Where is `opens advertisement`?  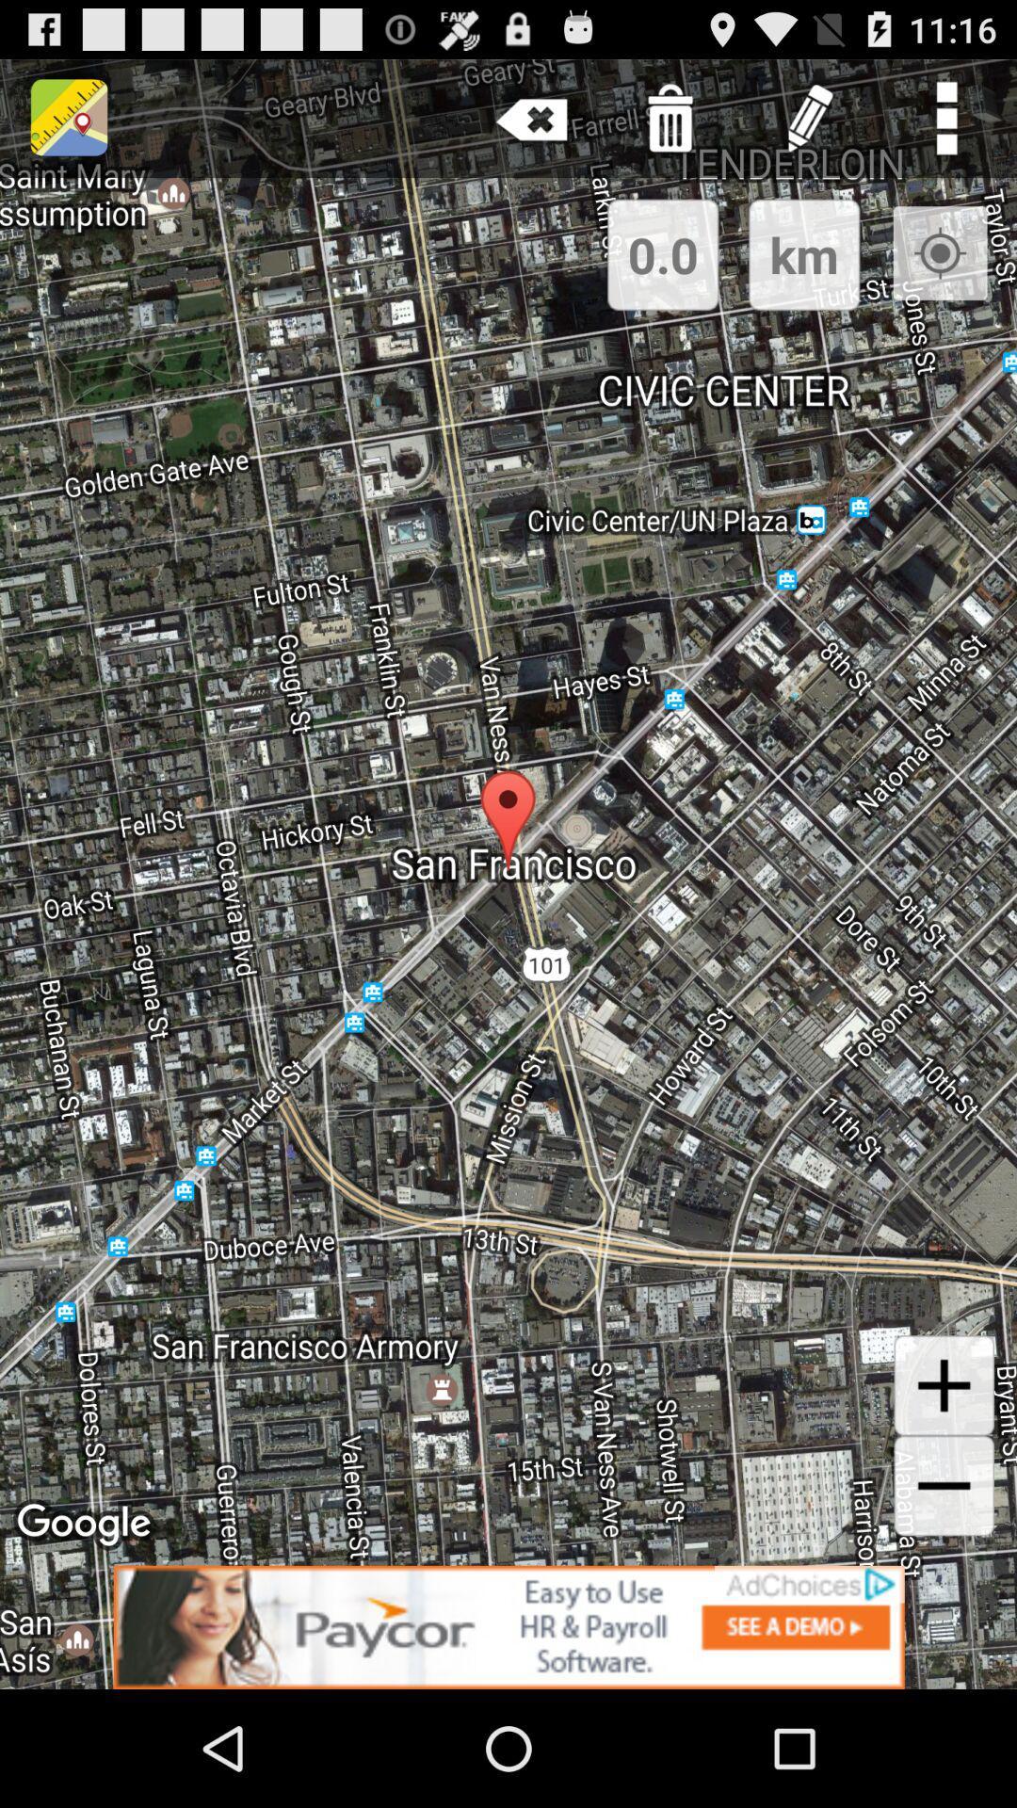 opens advertisement is located at coordinates (508, 1626).